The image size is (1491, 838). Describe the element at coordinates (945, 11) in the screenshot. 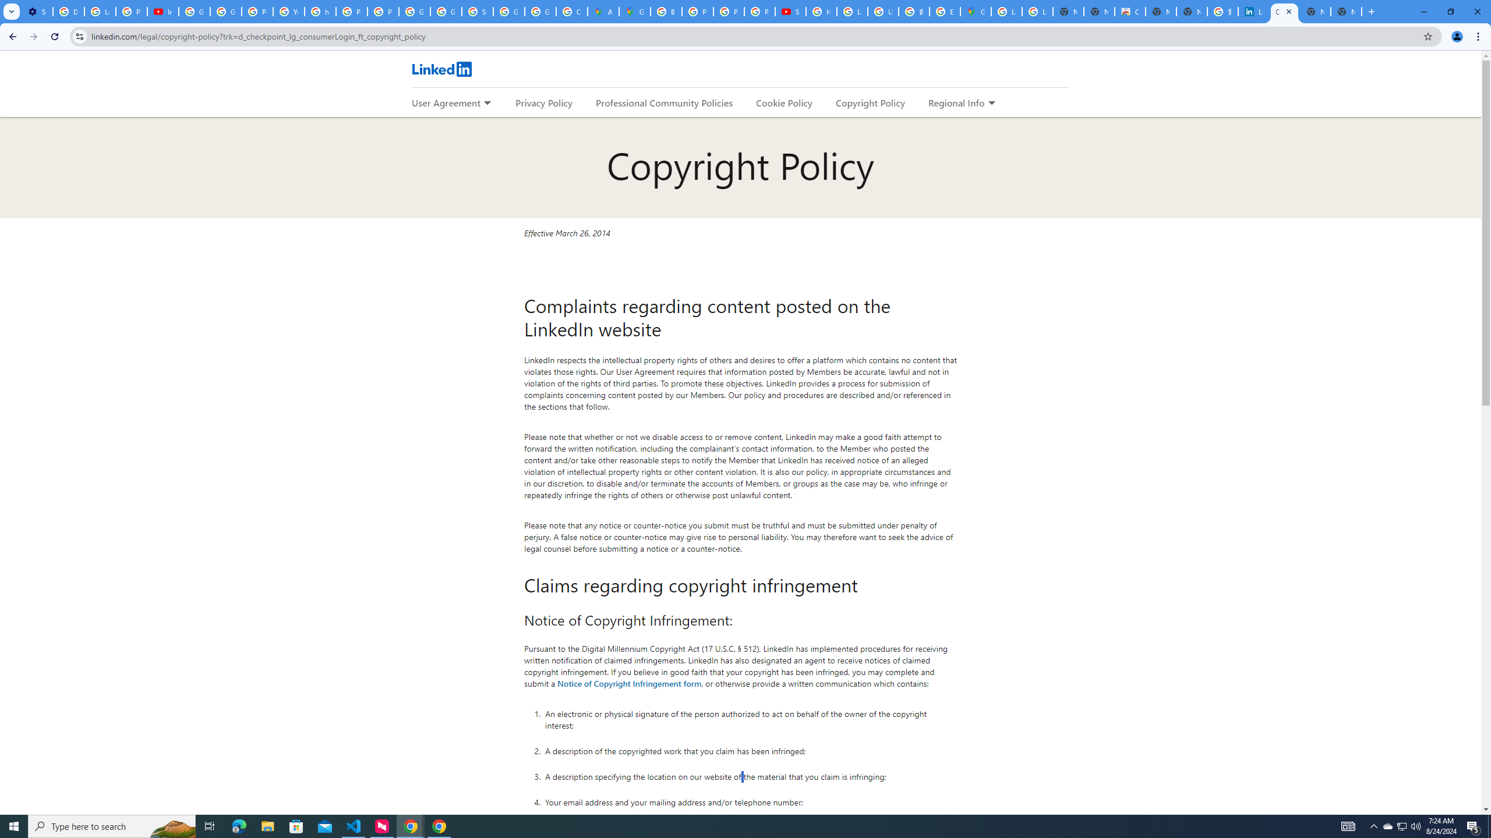

I see `'Explore new street-level details - Google Maps Help'` at that location.